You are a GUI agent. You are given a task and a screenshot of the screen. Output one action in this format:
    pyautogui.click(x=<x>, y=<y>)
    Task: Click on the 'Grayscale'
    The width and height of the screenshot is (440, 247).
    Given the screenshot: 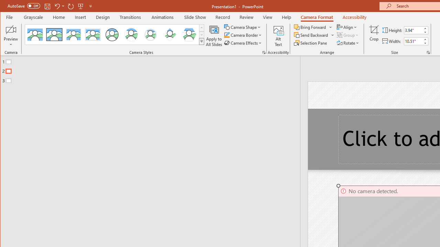 What is the action you would take?
    pyautogui.click(x=33, y=17)
    